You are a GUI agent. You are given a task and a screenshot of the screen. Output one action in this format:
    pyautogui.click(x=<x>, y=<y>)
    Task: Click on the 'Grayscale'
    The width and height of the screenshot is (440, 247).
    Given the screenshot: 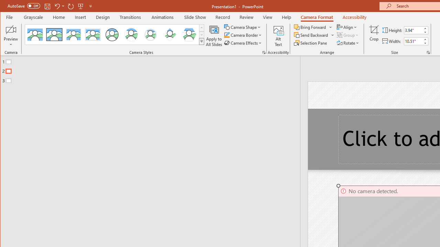 What is the action you would take?
    pyautogui.click(x=33, y=17)
    